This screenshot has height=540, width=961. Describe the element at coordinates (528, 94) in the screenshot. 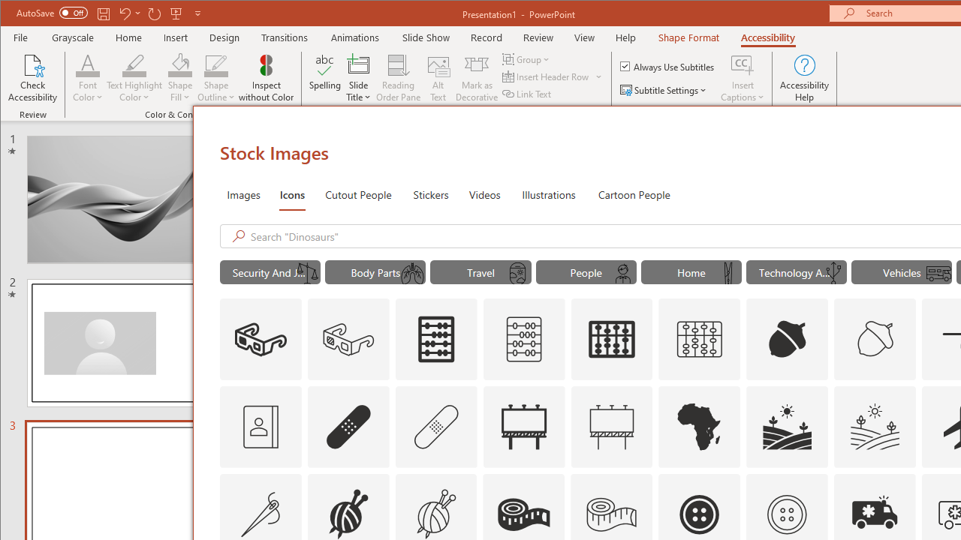

I see `'Link Text'` at that location.